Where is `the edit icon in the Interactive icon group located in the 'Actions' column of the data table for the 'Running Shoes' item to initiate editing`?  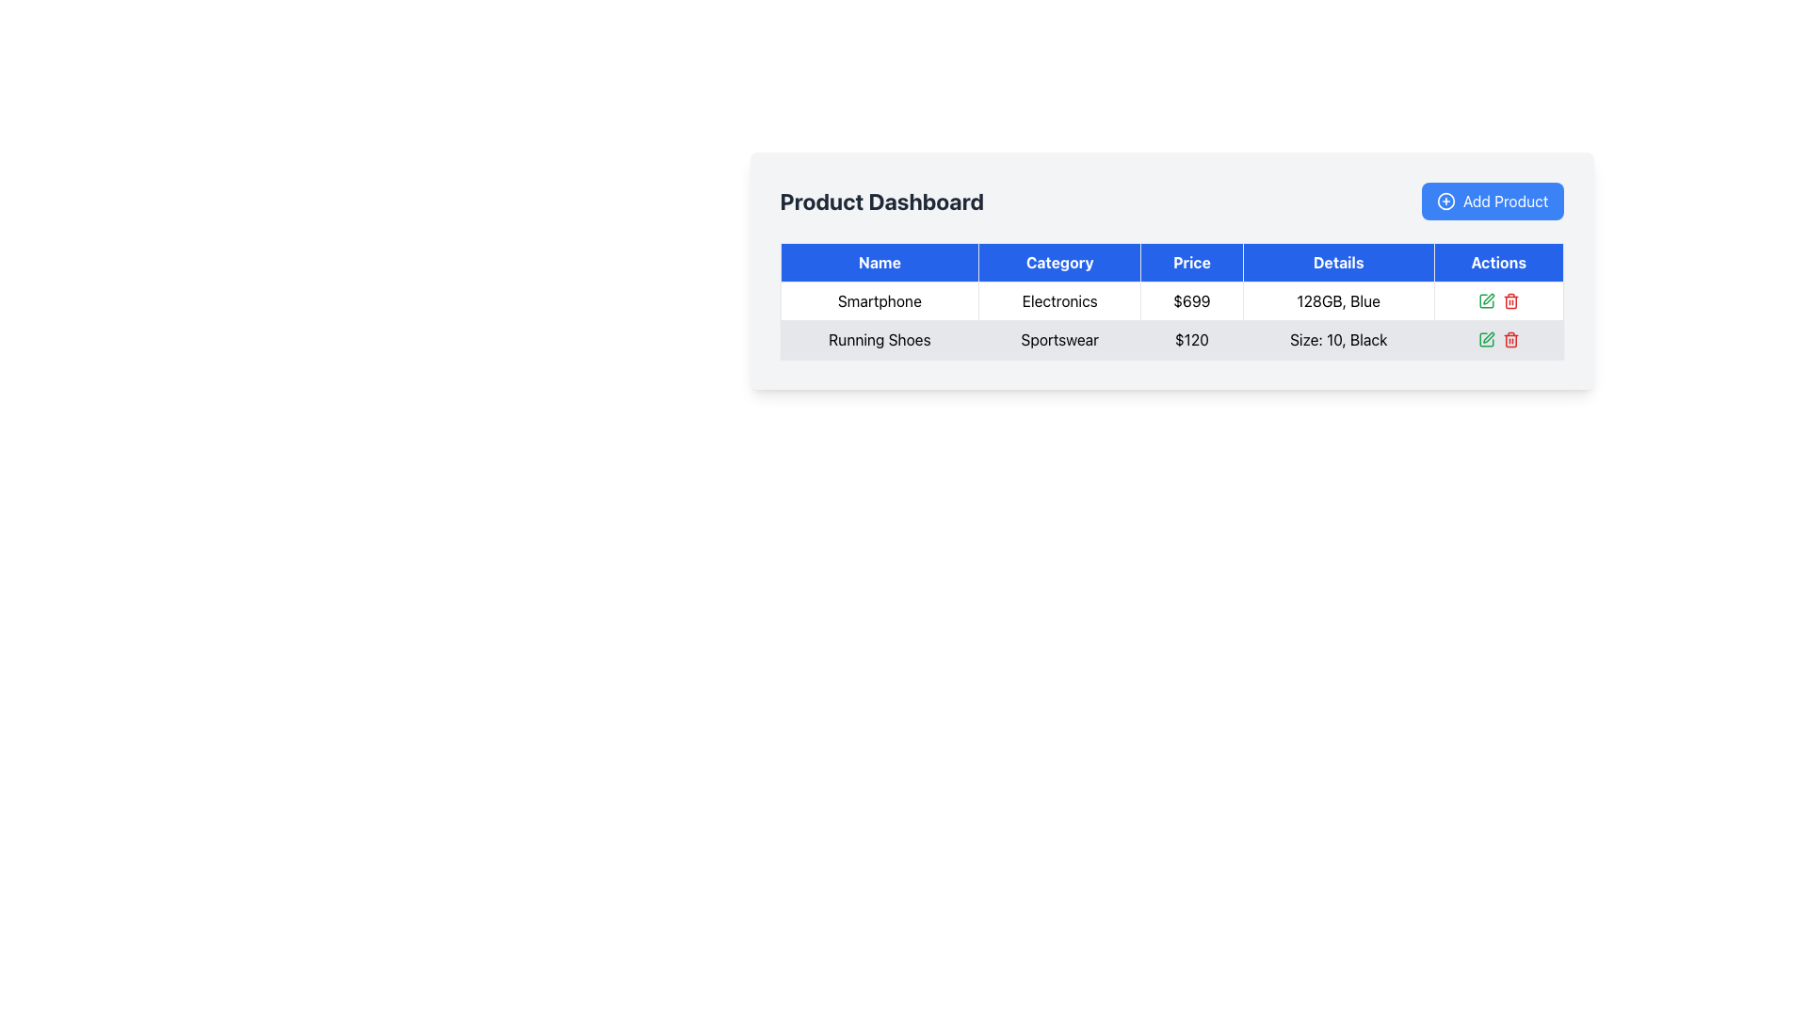 the edit icon in the Interactive icon group located in the 'Actions' column of the data table for the 'Running Shoes' item to initiate editing is located at coordinates (1497, 340).